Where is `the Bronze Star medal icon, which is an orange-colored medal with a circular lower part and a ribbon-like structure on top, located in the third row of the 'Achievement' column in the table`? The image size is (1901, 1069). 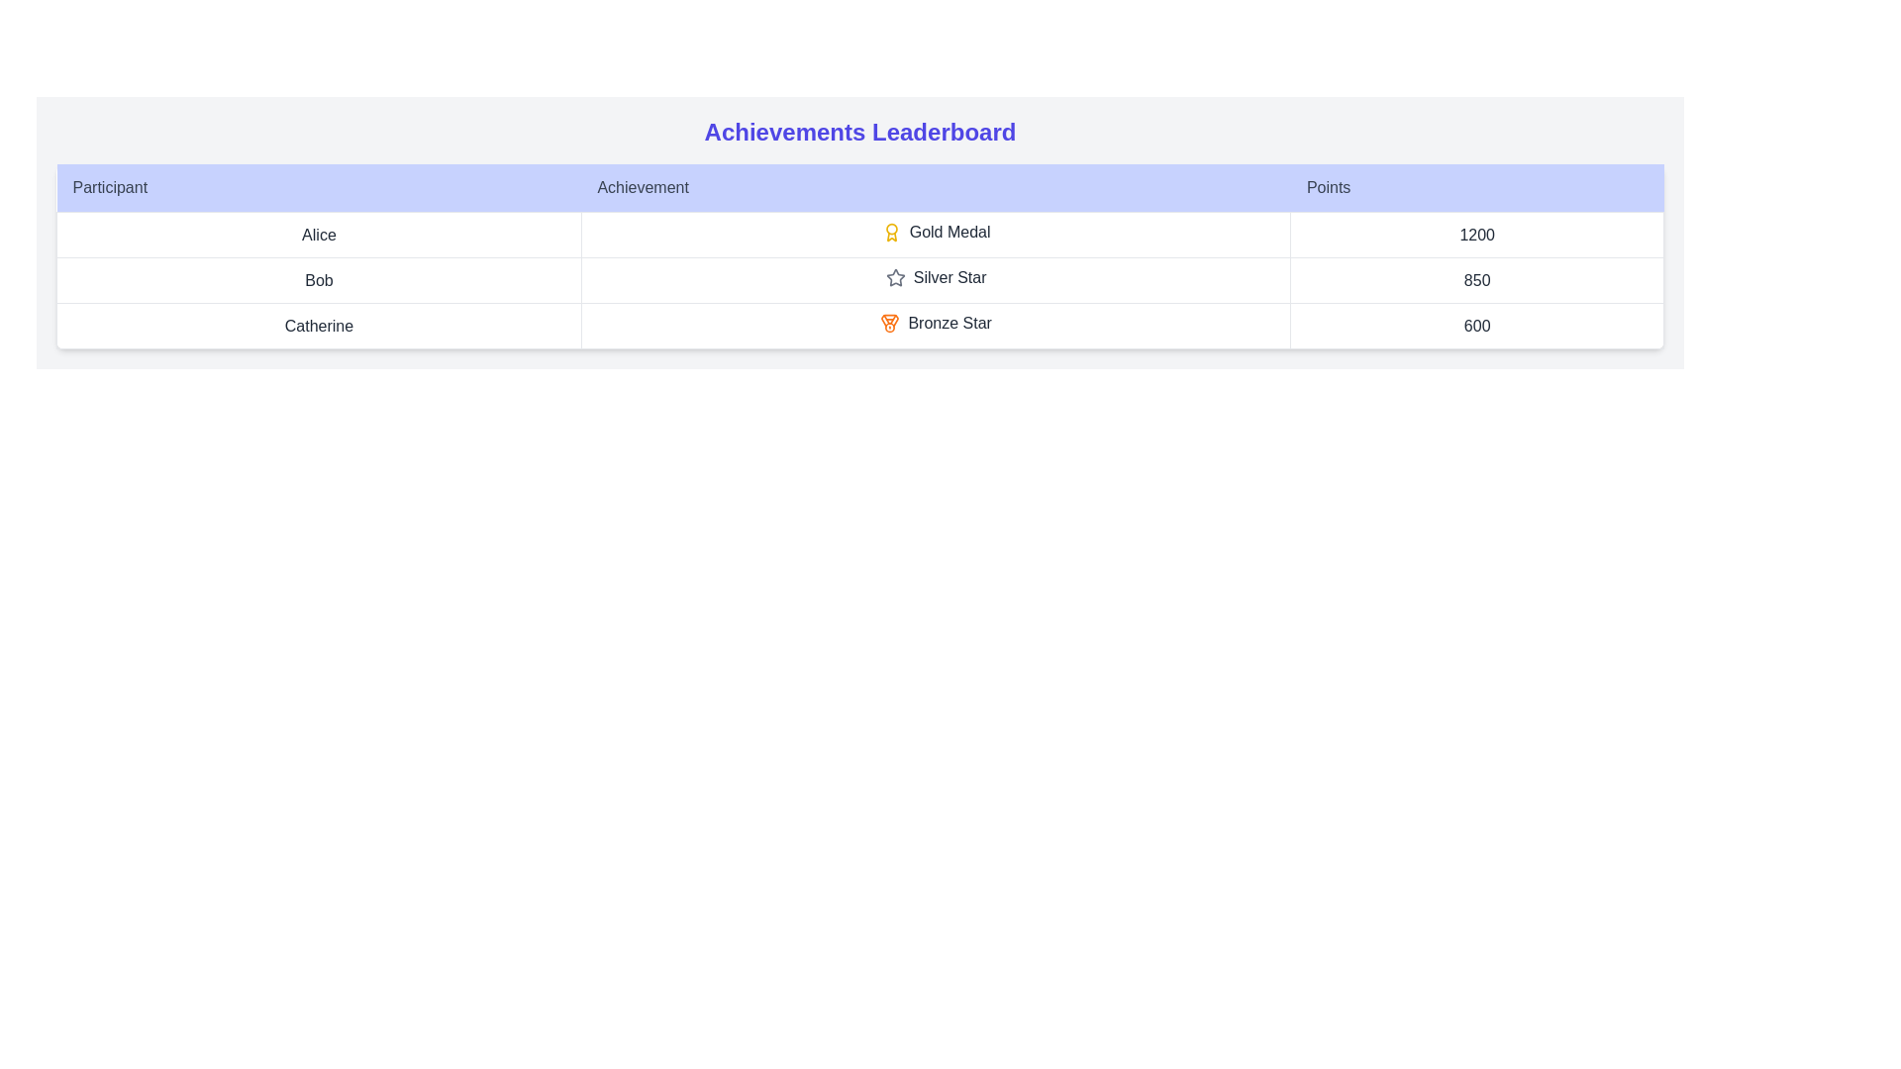
the Bronze Star medal icon, which is an orange-colored medal with a circular lower part and a ribbon-like structure on top, located in the third row of the 'Achievement' column in the table is located at coordinates (889, 323).